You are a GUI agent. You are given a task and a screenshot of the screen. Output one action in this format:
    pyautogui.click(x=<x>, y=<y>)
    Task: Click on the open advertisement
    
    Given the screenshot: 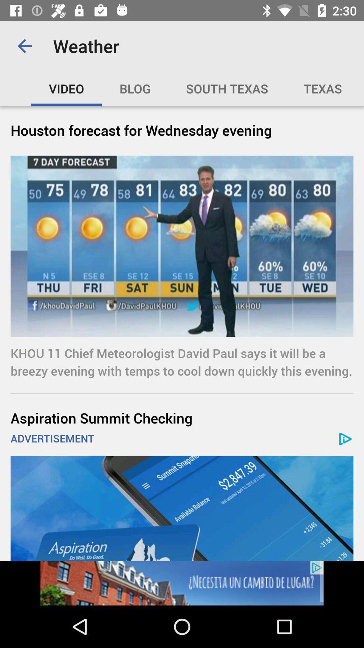 What is the action you would take?
    pyautogui.click(x=182, y=583)
    